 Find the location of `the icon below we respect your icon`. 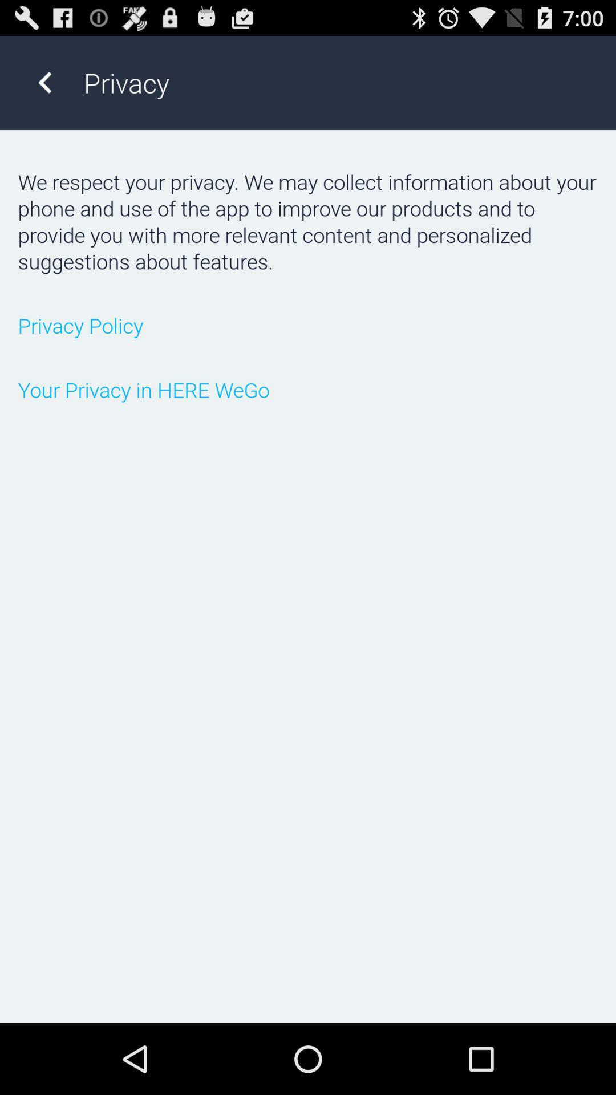

the icon below we respect your icon is located at coordinates (308, 325).